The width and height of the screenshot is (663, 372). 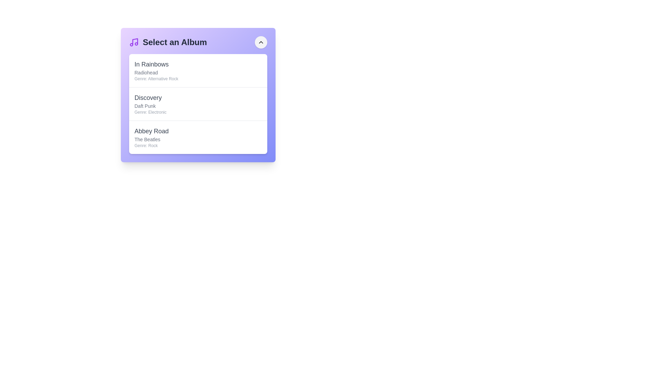 What do you see at coordinates (151, 131) in the screenshot?
I see `album title text label displaying 'Abbey Road', which is located in the third group of items above 'The Beatles'` at bounding box center [151, 131].